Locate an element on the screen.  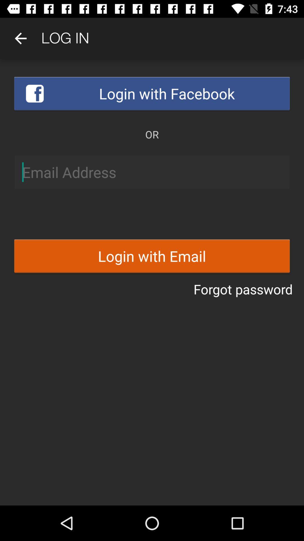
the icon at the top left corner is located at coordinates (20, 38).